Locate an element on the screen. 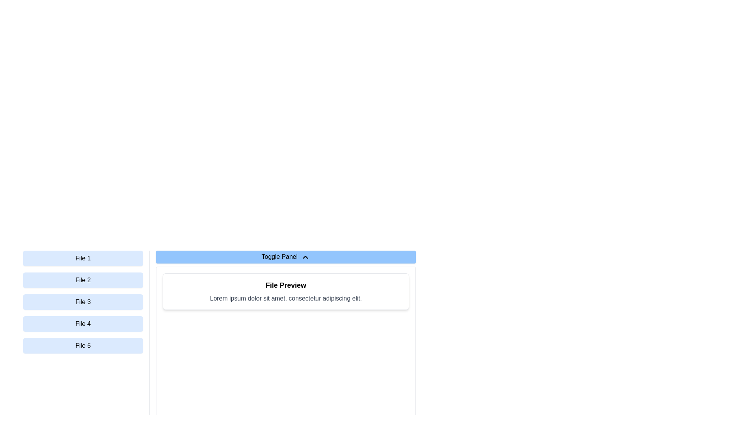  the chevron icon to the right of the 'Toggle Panel' text, which indicates the collapsible state of the panel below is located at coordinates (305, 257).